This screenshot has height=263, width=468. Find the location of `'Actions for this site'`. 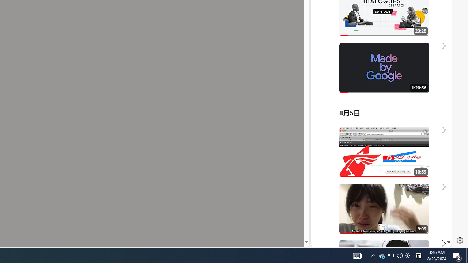

'Actions for this site' is located at coordinates (414, 161).